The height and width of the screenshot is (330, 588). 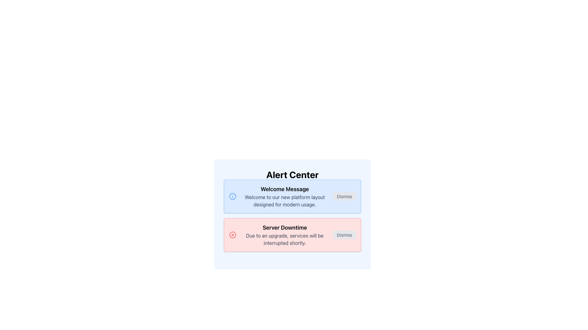 I want to click on the Text label that acts as a header for the section above 'Welcome Message' and 'Server Downtime', so click(x=292, y=174).